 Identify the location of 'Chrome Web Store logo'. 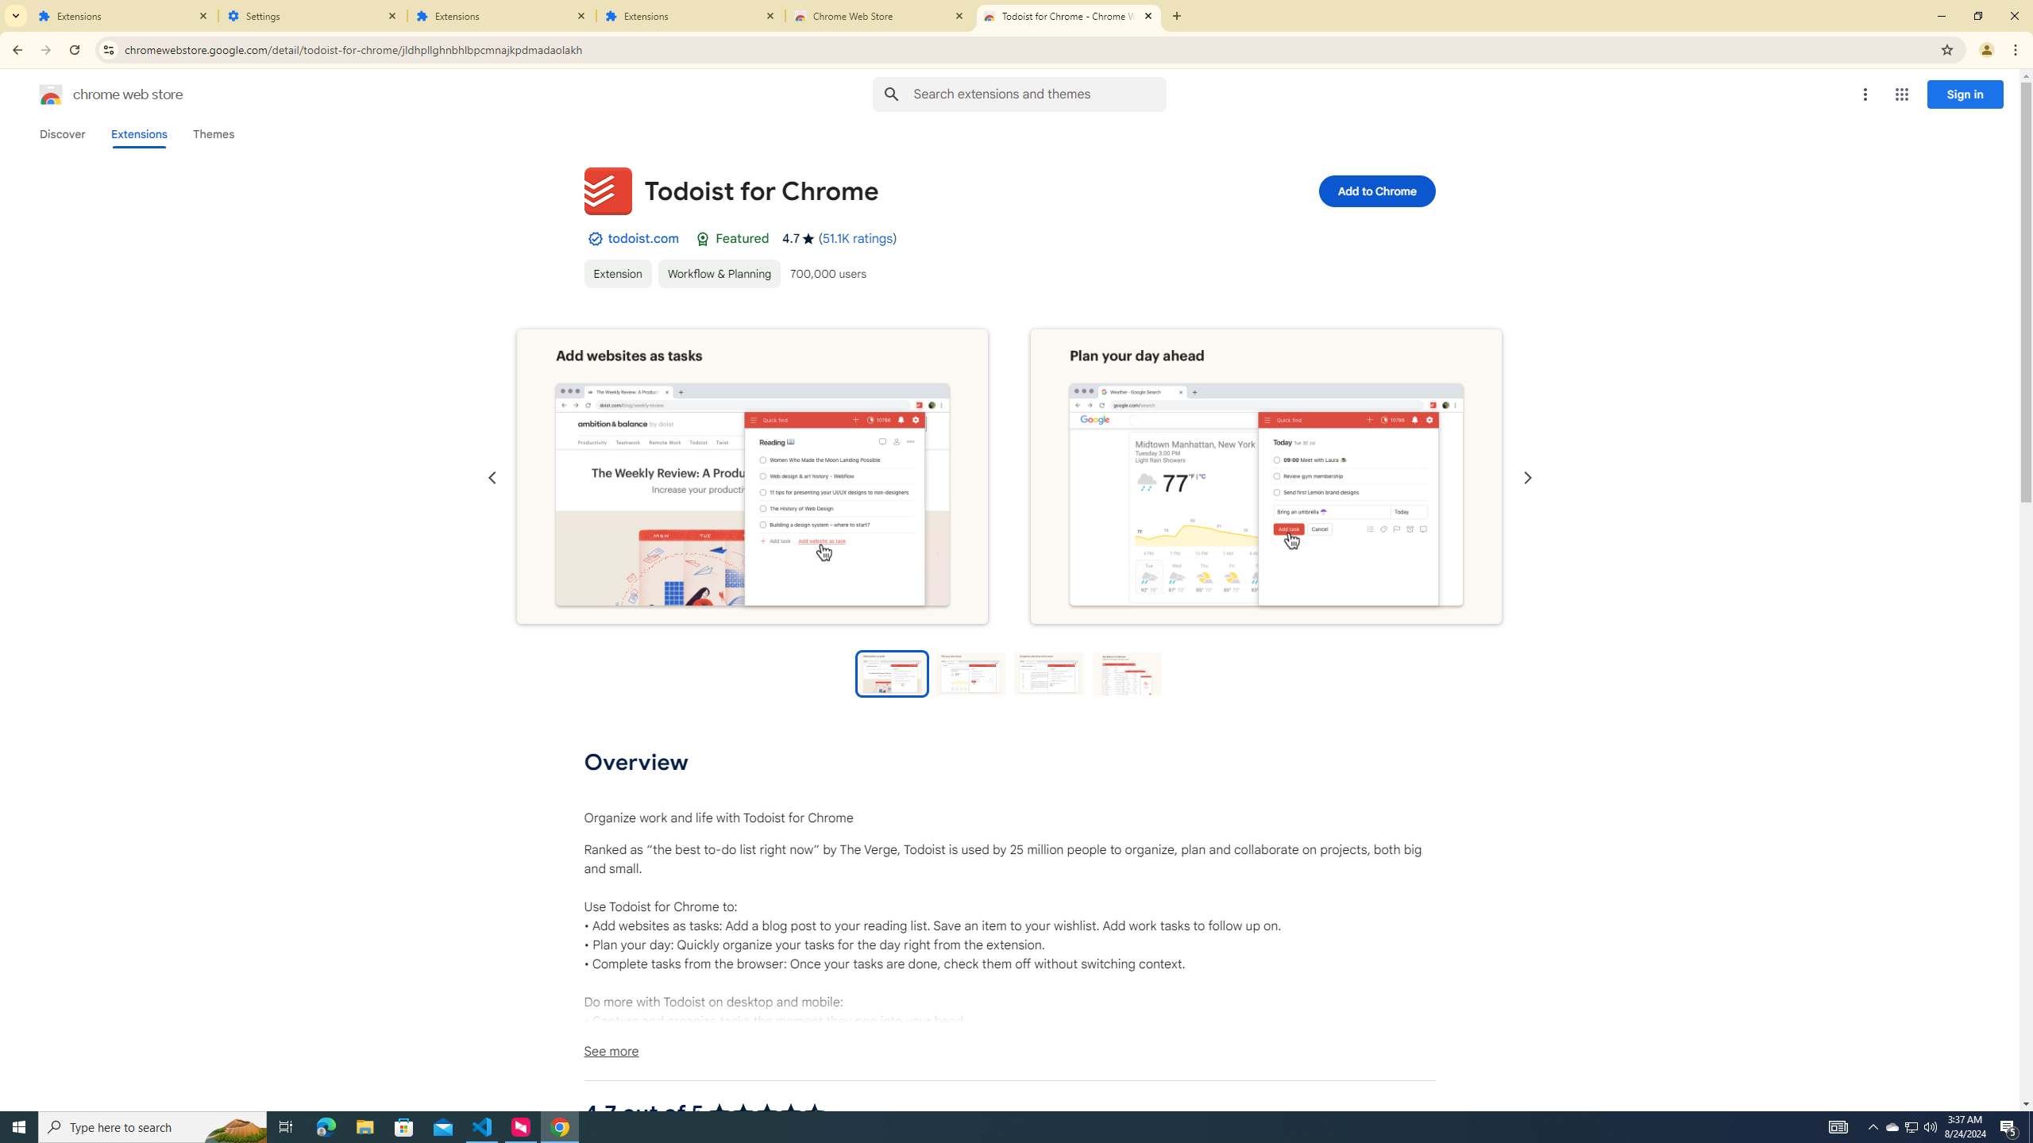
(51, 94).